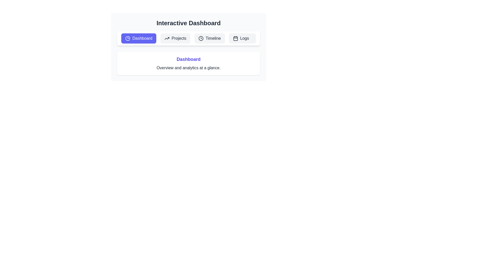  I want to click on the 'Dashboard' button located at the top-left of the section, which contains a small pie chart icon preceding the text, so click(128, 38).